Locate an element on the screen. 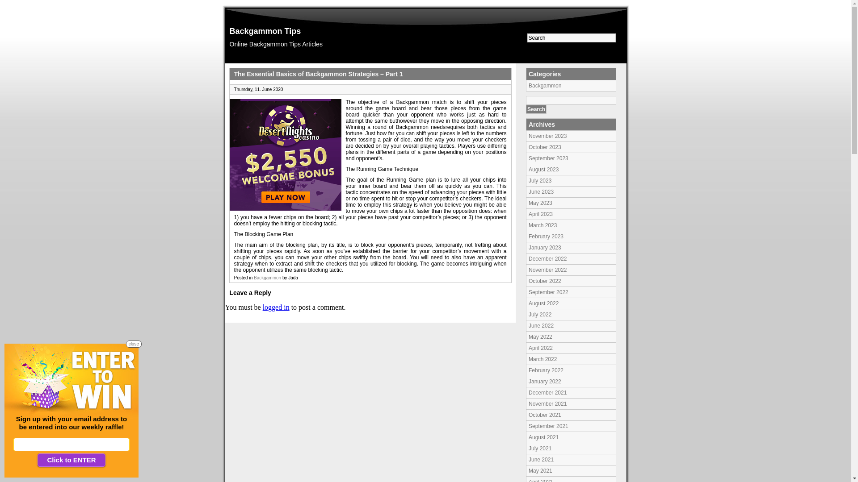  'May 2023' is located at coordinates (540, 203).